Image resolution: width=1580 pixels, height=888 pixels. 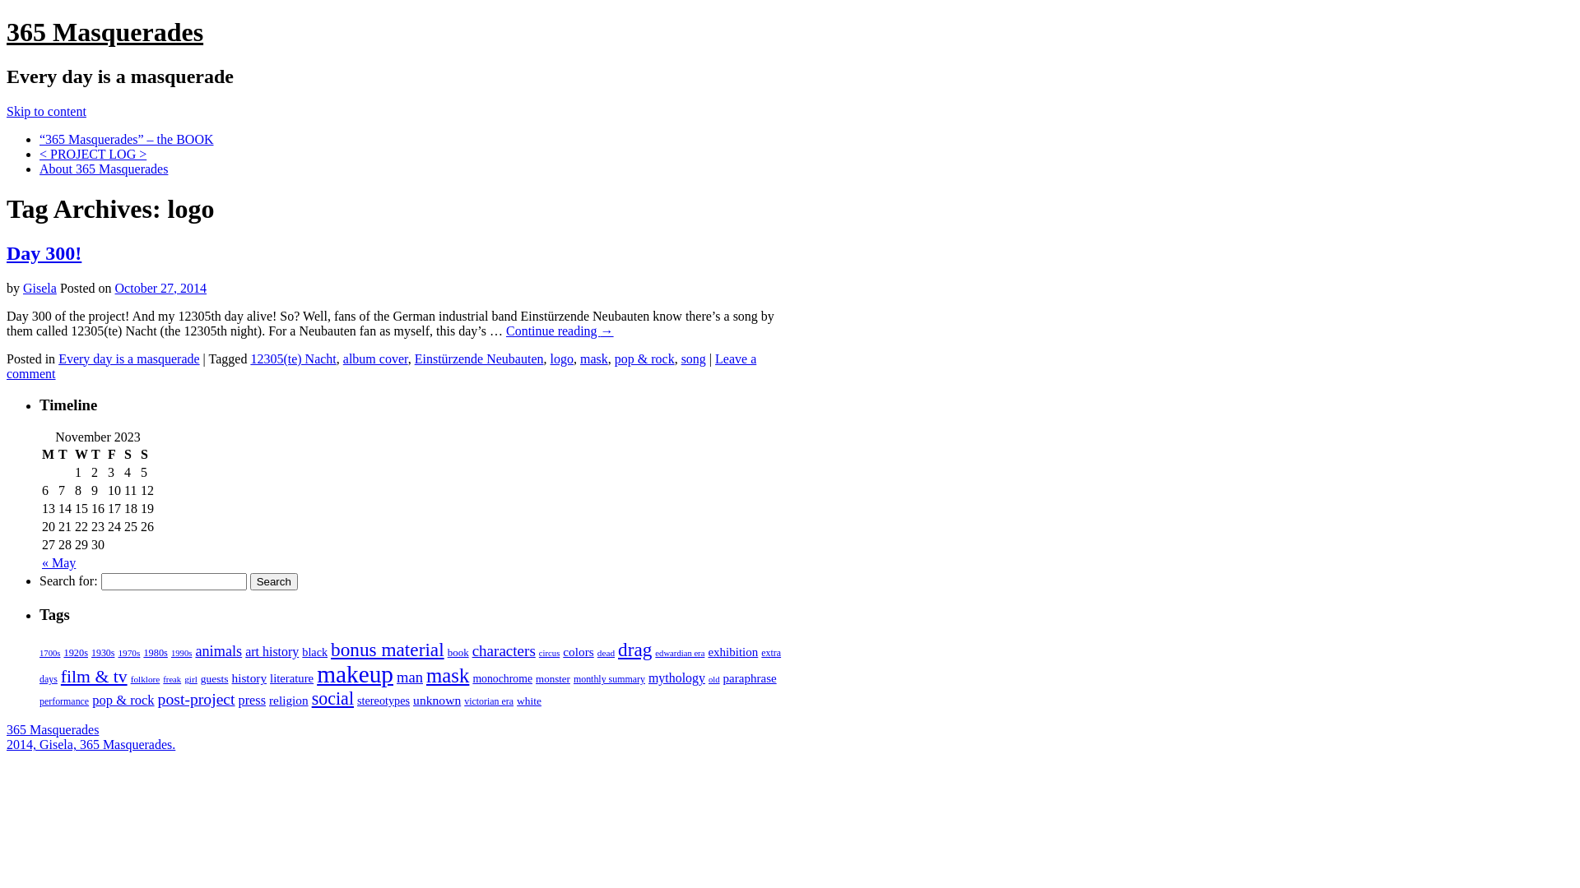 I want to click on 'Skip to content', so click(x=46, y=111).